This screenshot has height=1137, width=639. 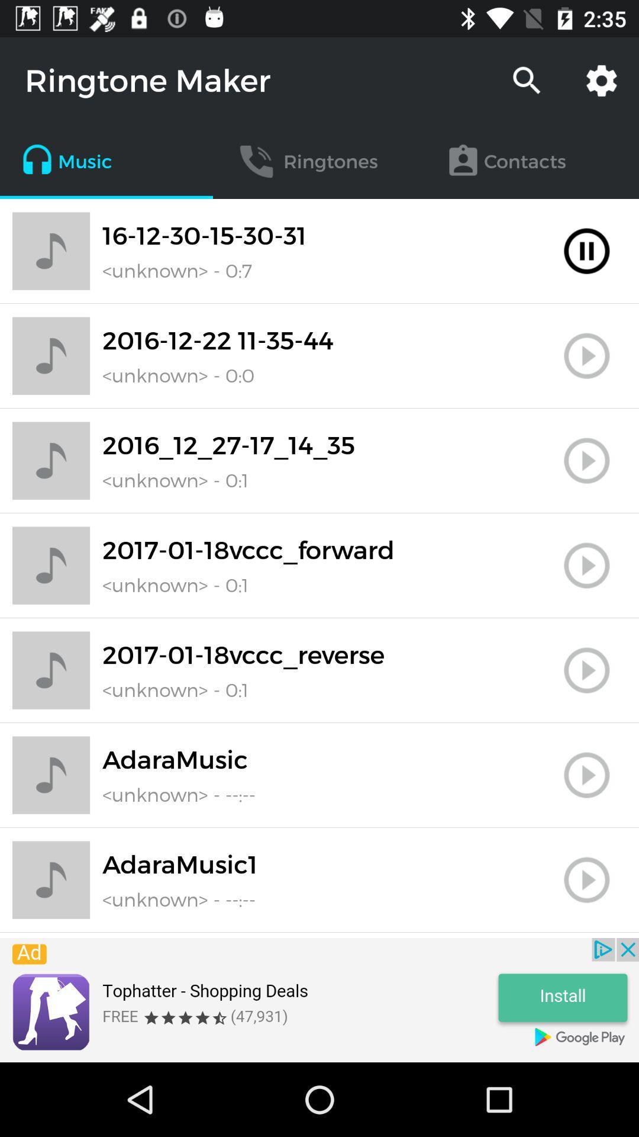 What do you see at coordinates (586, 250) in the screenshot?
I see `play` at bounding box center [586, 250].